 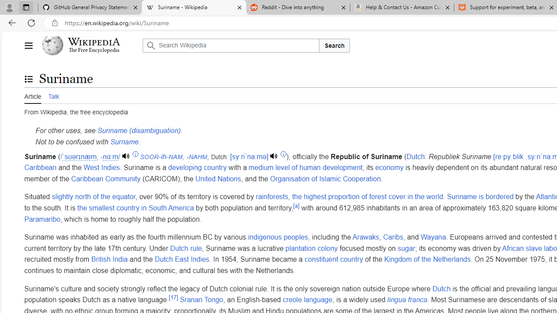 What do you see at coordinates (296, 206) in the screenshot?
I see `'[a]'` at bounding box center [296, 206].